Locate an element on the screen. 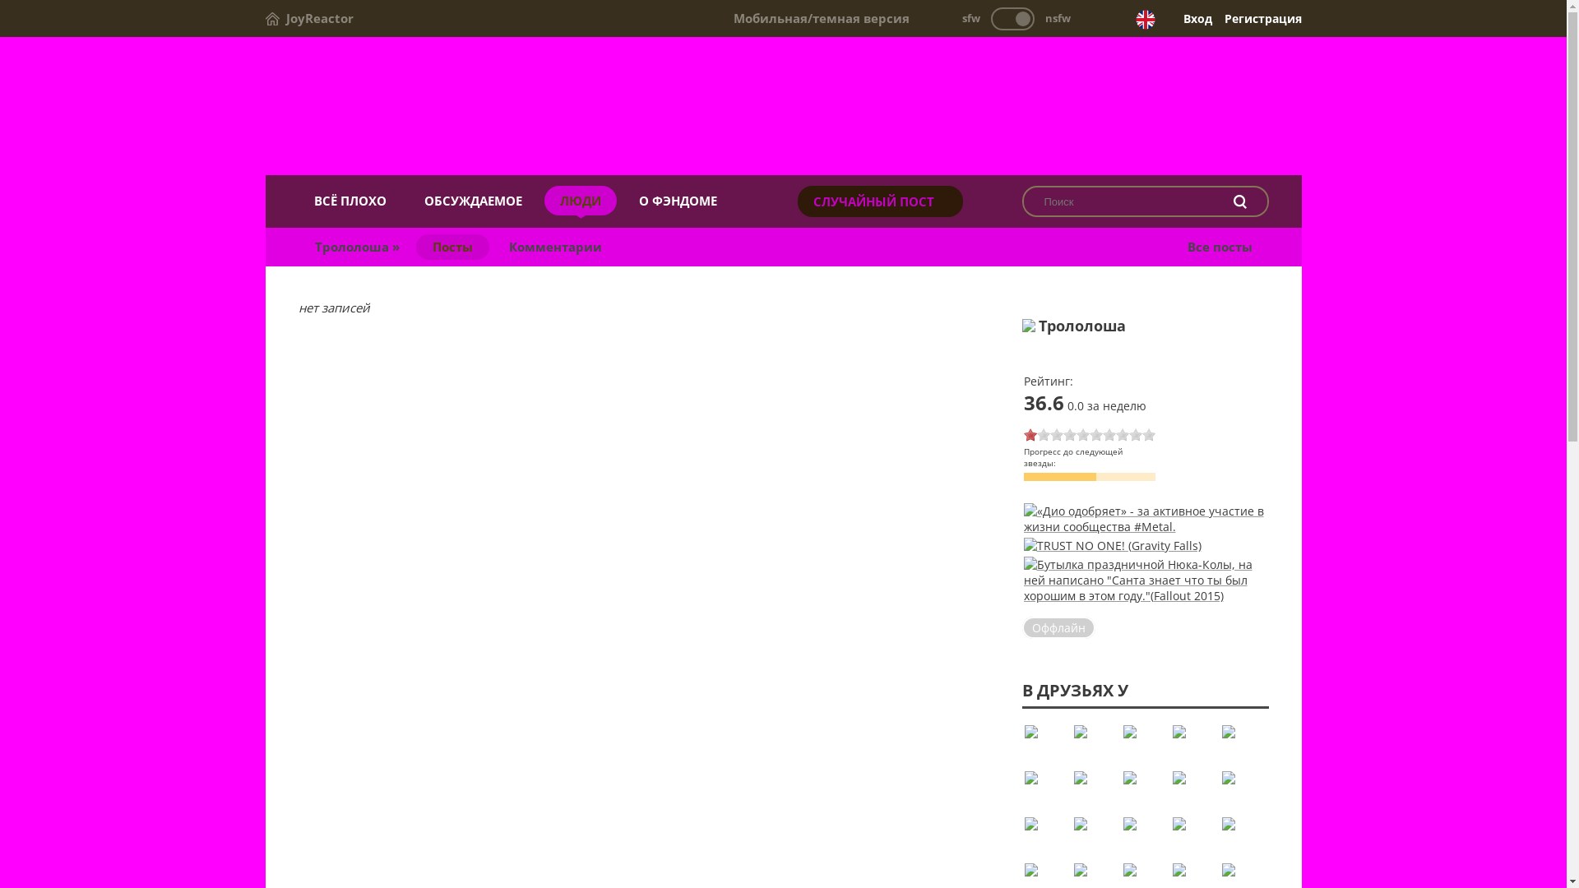 Image resolution: width=1579 pixels, height=888 pixels. 'English version' is located at coordinates (1144, 19).